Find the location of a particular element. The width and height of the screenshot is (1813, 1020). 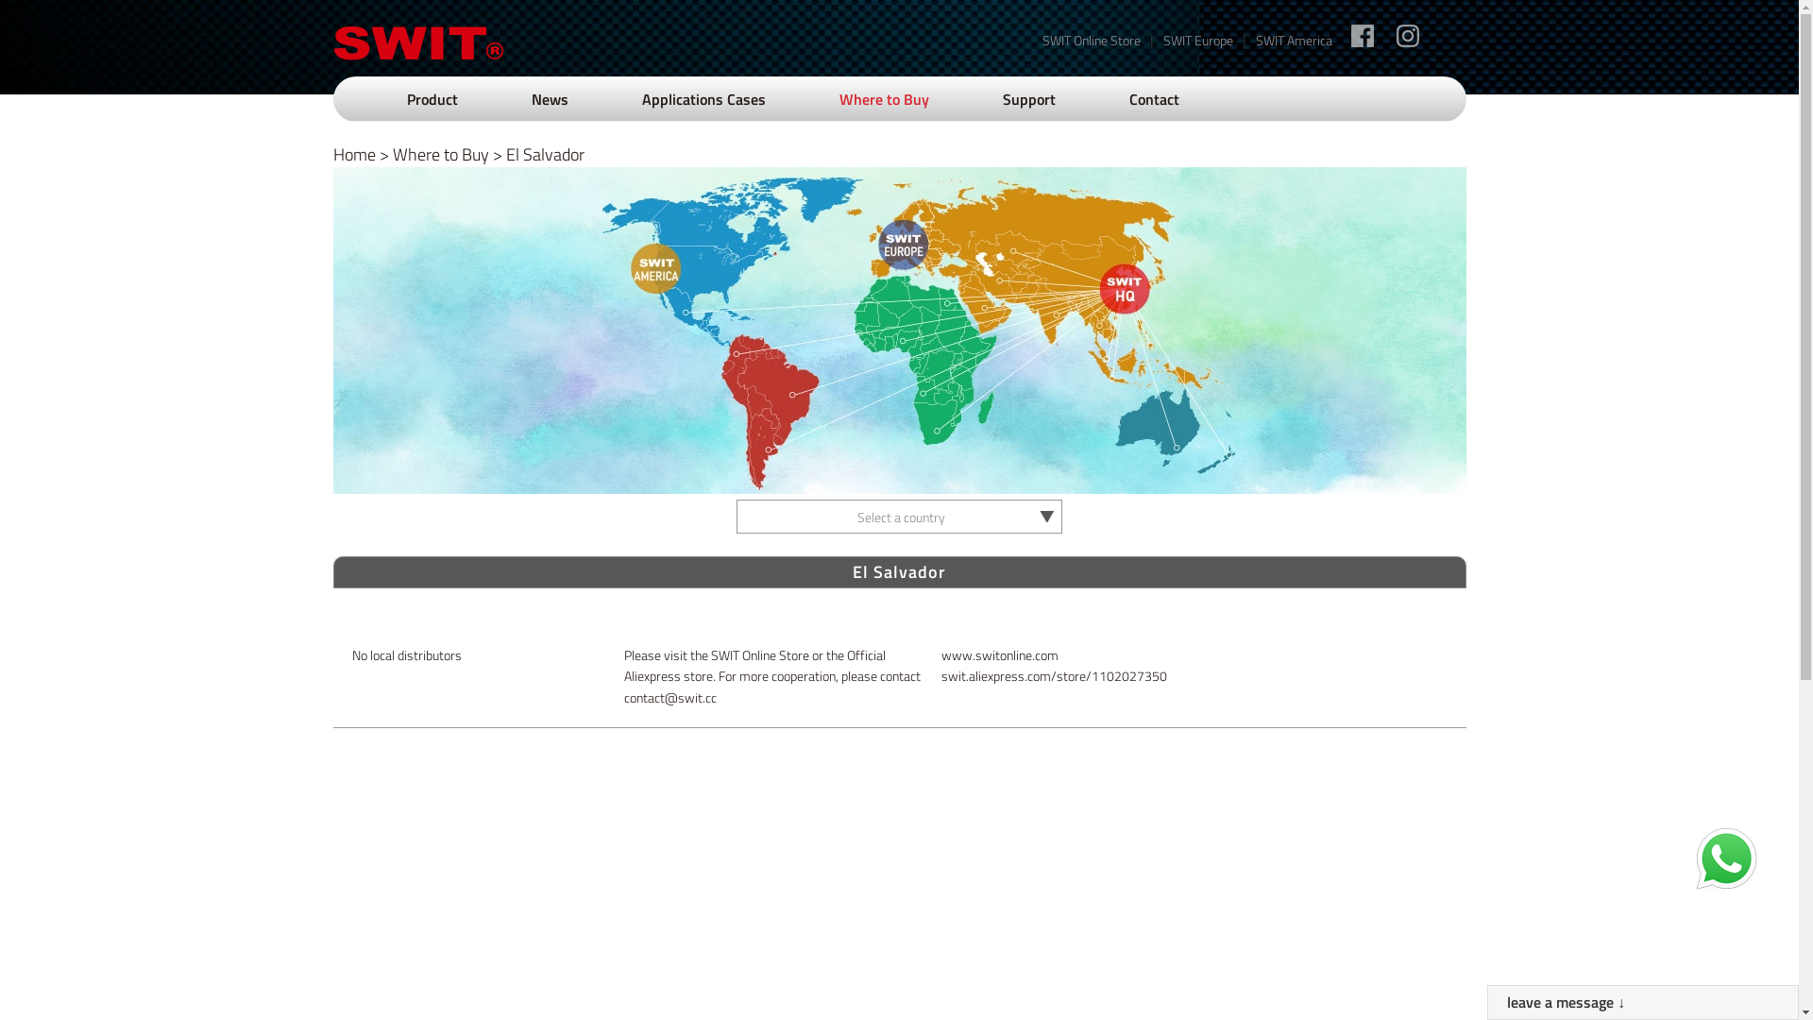

'Applications Cases' is located at coordinates (642, 98).